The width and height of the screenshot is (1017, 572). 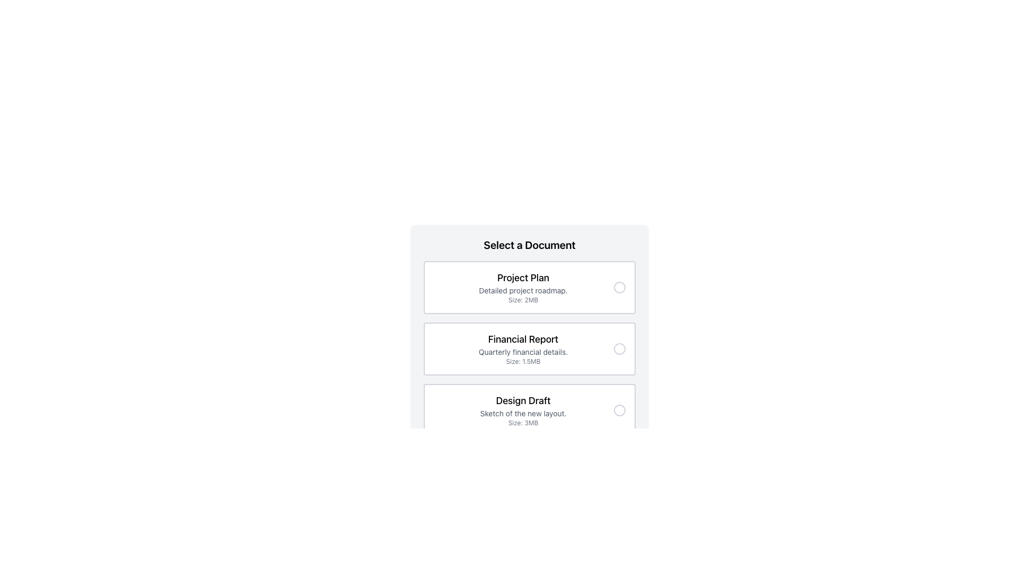 I want to click on text contents of the Information Display that includes 'Financial Report', 'Quarterly financial details.', and 'Size: 1.5MB', so click(x=523, y=349).